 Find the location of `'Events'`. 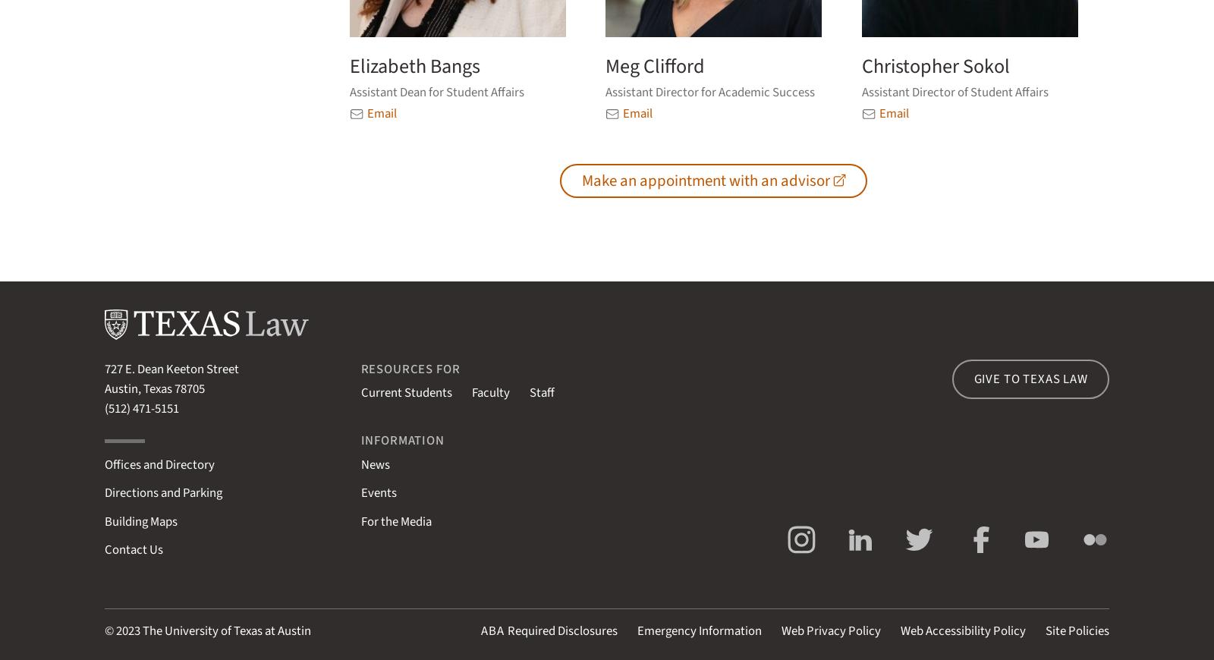

'Events' is located at coordinates (377, 492).